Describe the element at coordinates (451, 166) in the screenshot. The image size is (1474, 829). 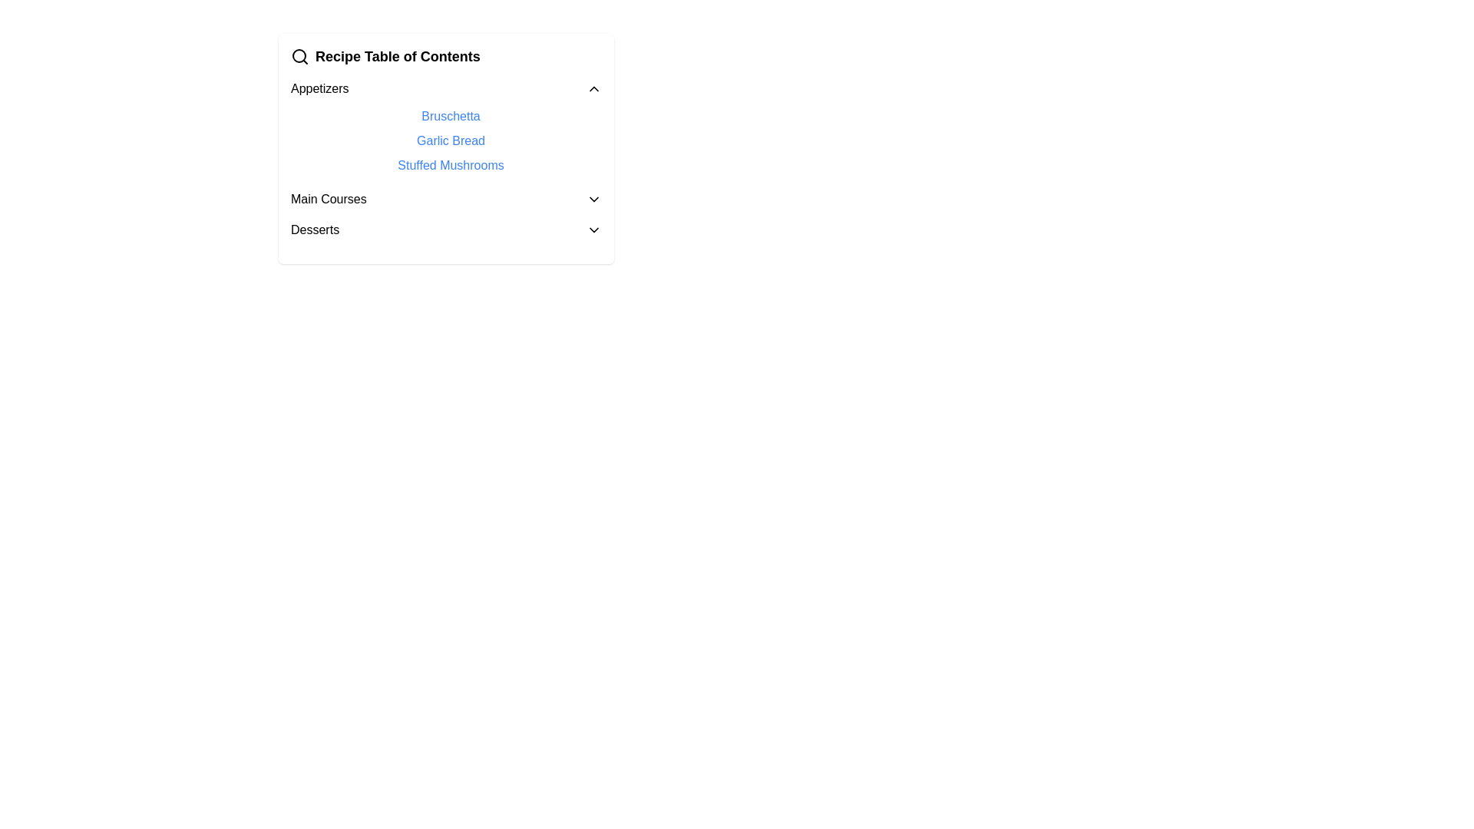
I see `the hyperlink styled as 'Stuffed Mushrooms' located under the 'Appetizers' section in the table of contents` at that location.